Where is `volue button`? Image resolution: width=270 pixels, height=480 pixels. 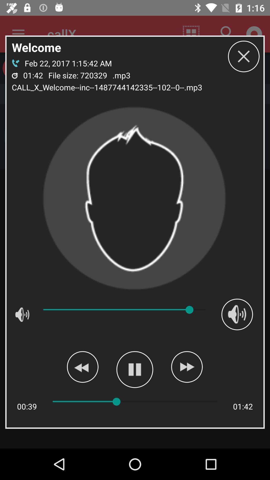 volue button is located at coordinates (237, 314).